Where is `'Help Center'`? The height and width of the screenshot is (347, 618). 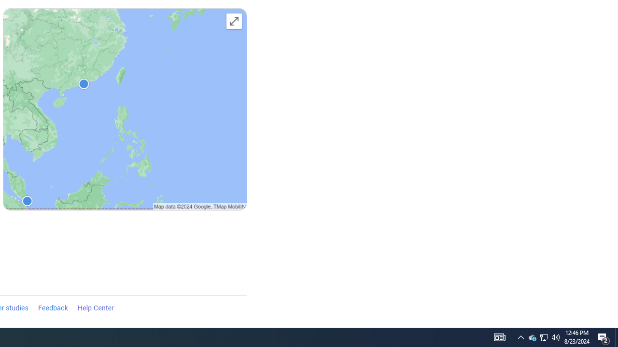
'Help Center' is located at coordinates (96, 308).